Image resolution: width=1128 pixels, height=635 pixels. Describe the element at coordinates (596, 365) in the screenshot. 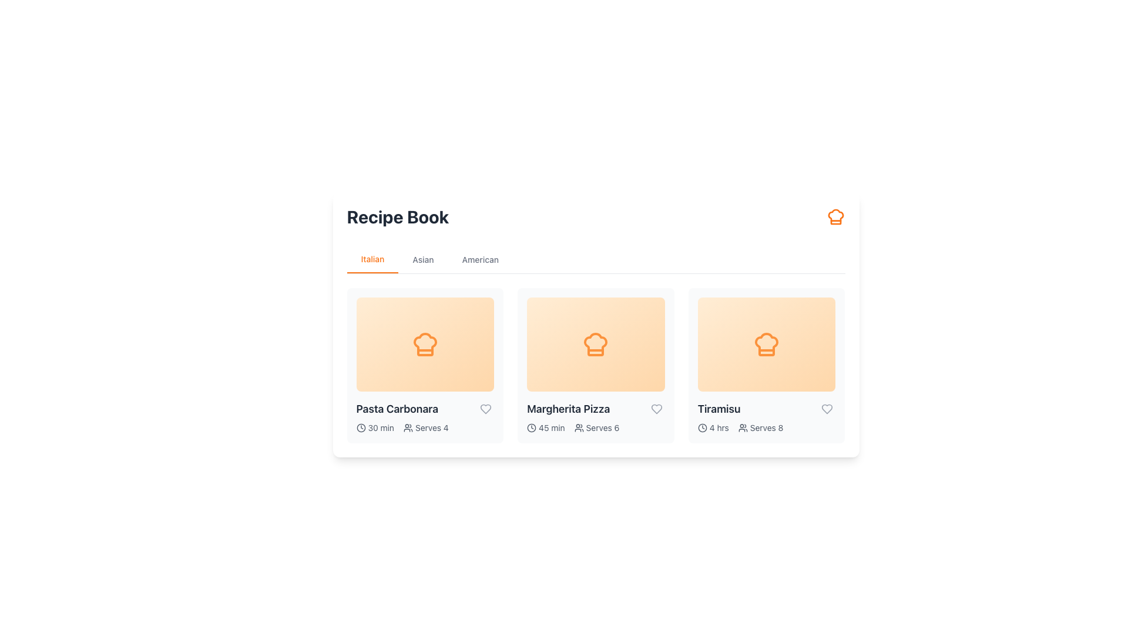

I see `preparation and serving details of the 'Margherita Pizza' card, which is the second card in a three-column grid layout` at that location.